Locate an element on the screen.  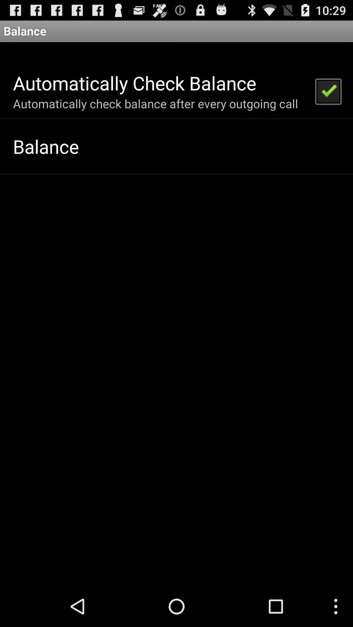
item below balance app is located at coordinates (328, 90).